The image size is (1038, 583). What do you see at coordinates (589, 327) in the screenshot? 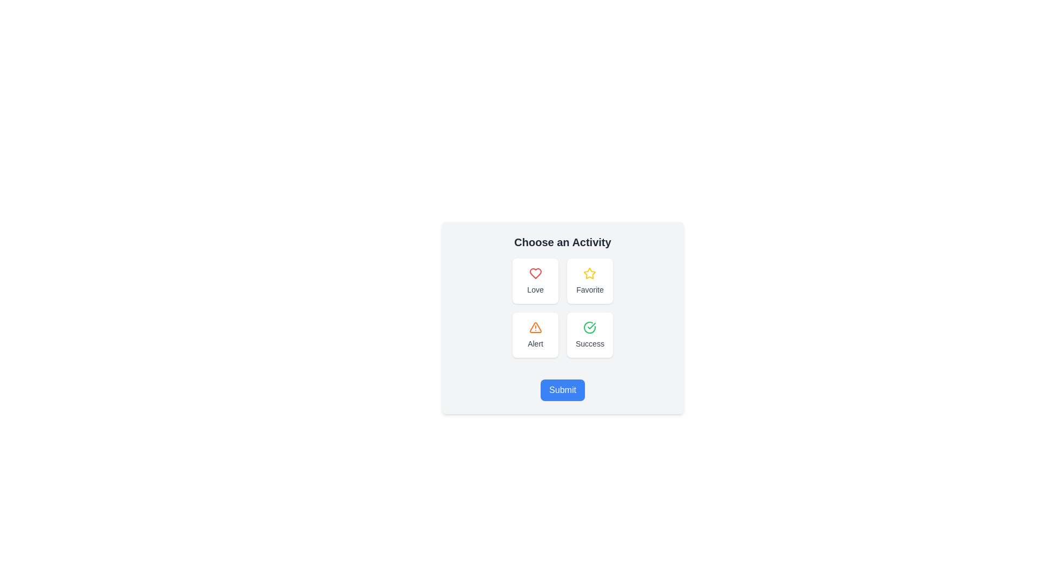
I see `the circular icon with a green outline and checkmark, associated with the label 'Success', located in the bottom-right corner of a 2x2 grid within the 'Choose an Activity' card` at bounding box center [589, 327].